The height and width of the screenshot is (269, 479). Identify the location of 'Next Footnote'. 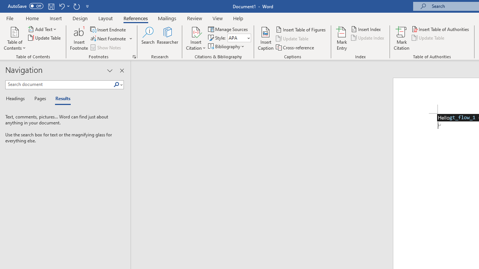
(111, 38).